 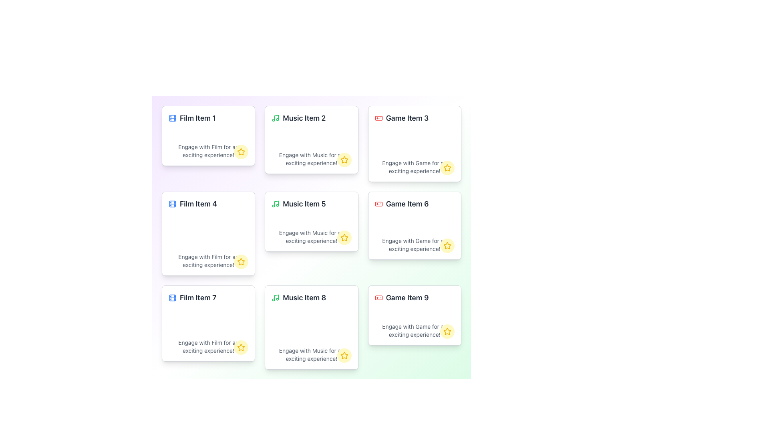 I want to click on text of the label with an icon located in the lower-right corner of the card labeled 'Game Item 9', so click(x=415, y=298).